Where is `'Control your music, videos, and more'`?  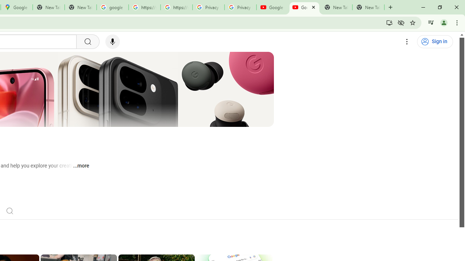
'Control your music, videos, and more' is located at coordinates (430, 22).